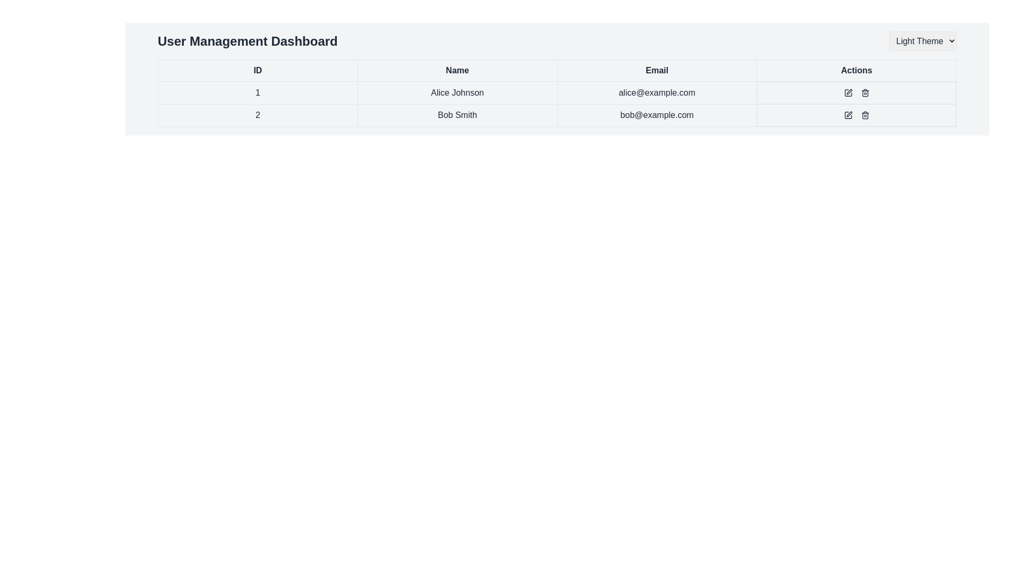 This screenshot has width=1020, height=574. What do you see at coordinates (457, 70) in the screenshot?
I see `the table header labeled 'Name', which is the second header in the table's header row, positioned between 'ID' and 'Email'` at bounding box center [457, 70].